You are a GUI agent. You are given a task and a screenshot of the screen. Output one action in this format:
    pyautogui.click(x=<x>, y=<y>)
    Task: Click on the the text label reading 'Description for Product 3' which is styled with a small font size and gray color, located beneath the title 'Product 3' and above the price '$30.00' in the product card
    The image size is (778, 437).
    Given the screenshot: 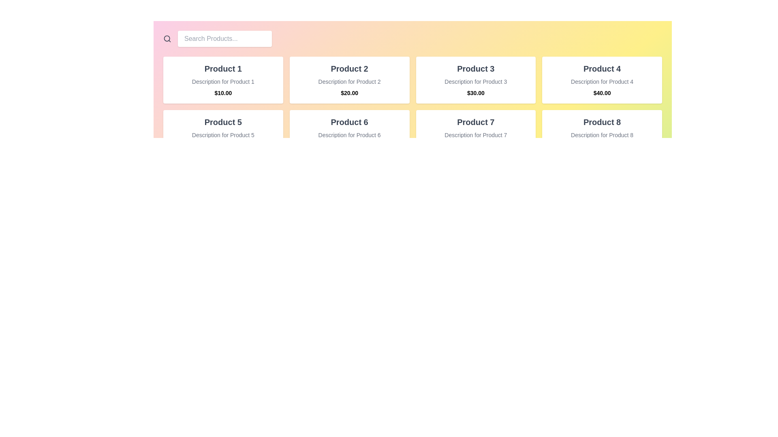 What is the action you would take?
    pyautogui.click(x=476, y=81)
    